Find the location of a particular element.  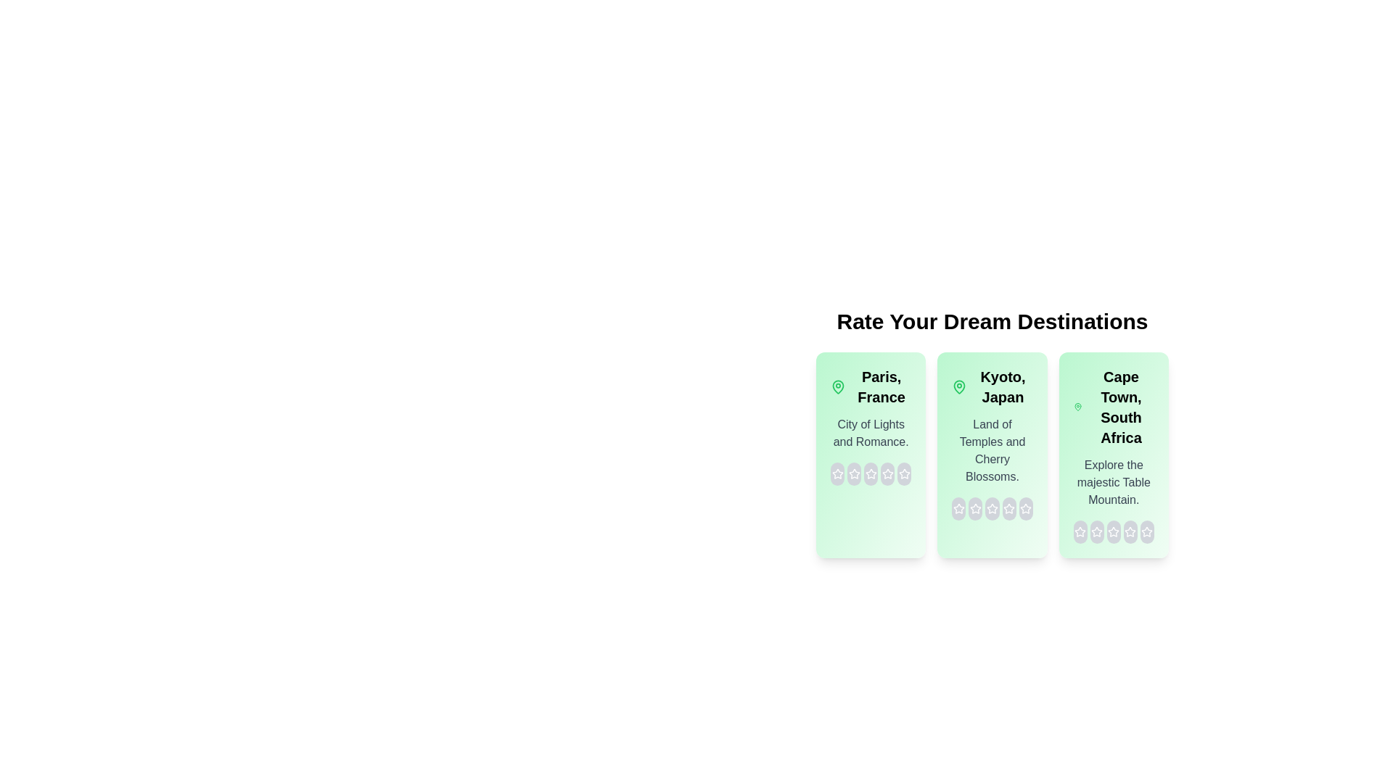

the rating for a destination to 4 stars is located at coordinates (887, 474).